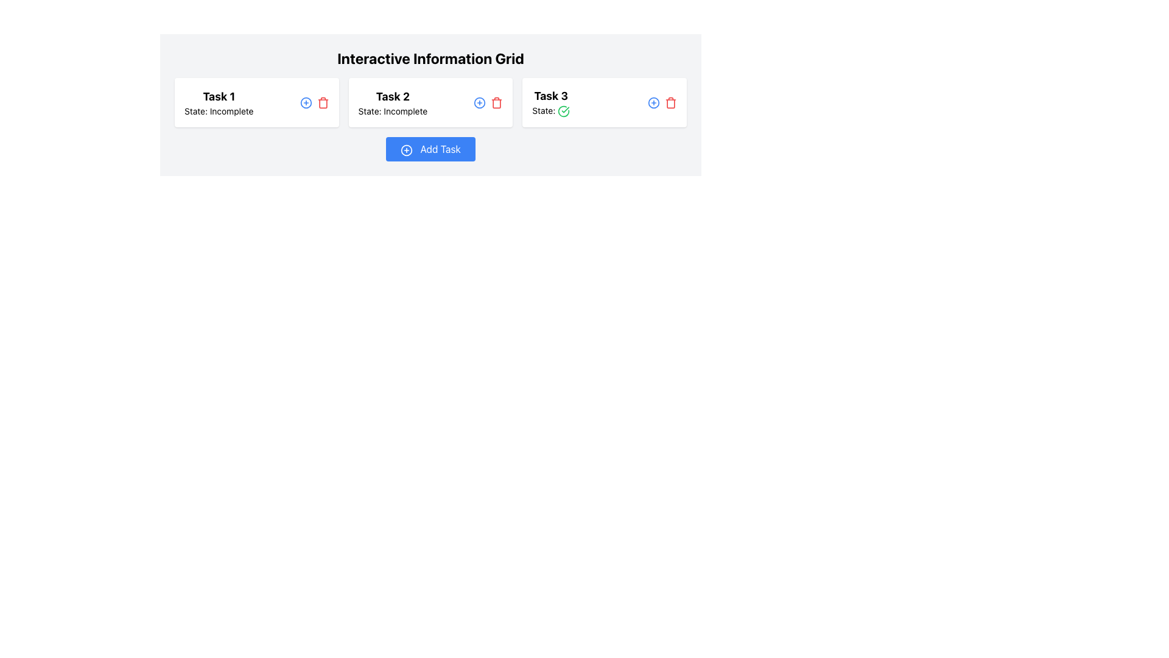 The width and height of the screenshot is (1169, 658). I want to click on the red trash can icon located in the second task card under the header 'Task 2', so click(497, 102).